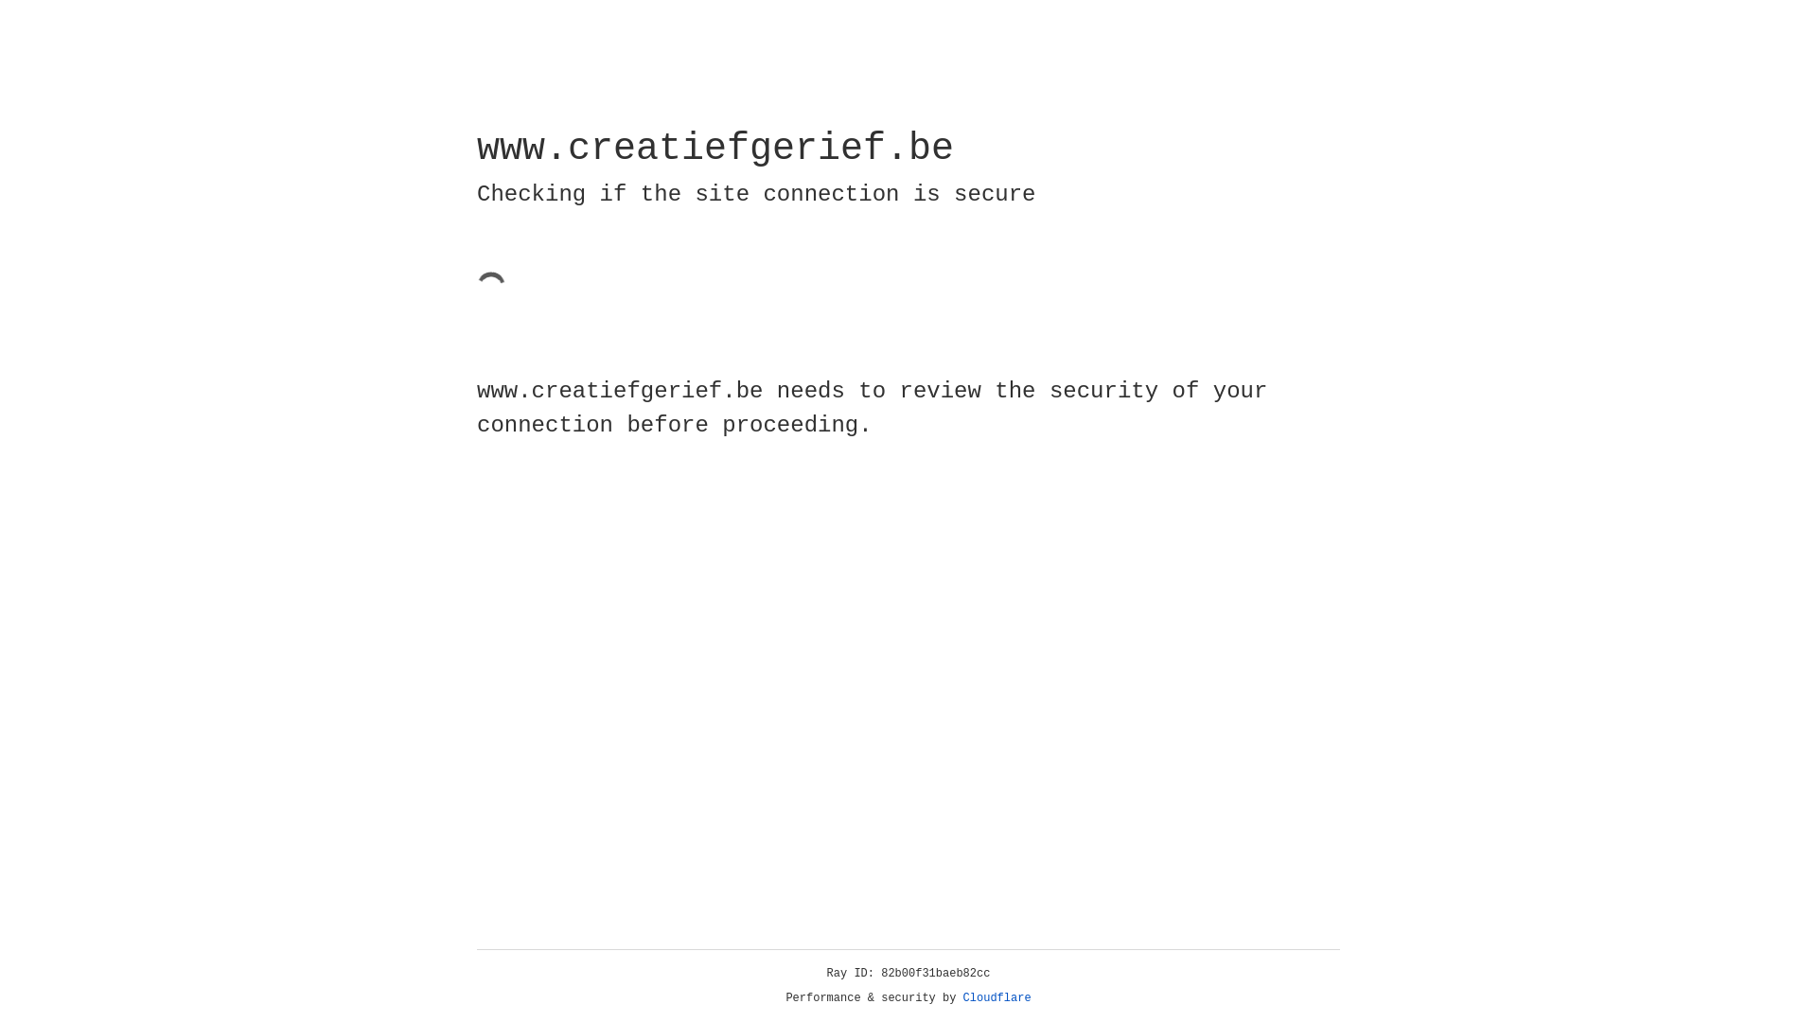 Image resolution: width=1817 pixels, height=1022 pixels. What do you see at coordinates (997, 997) in the screenshot?
I see `'Cloudflare'` at bounding box center [997, 997].